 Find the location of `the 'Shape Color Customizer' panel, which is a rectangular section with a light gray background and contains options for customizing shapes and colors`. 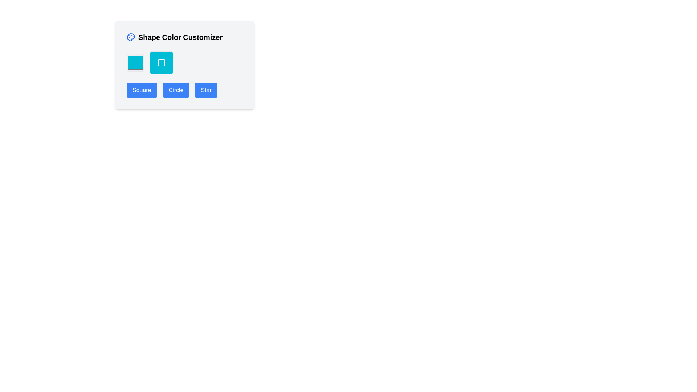

the 'Shape Color Customizer' panel, which is a rectangular section with a light gray background and contains options for customizing shapes and colors is located at coordinates (184, 64).